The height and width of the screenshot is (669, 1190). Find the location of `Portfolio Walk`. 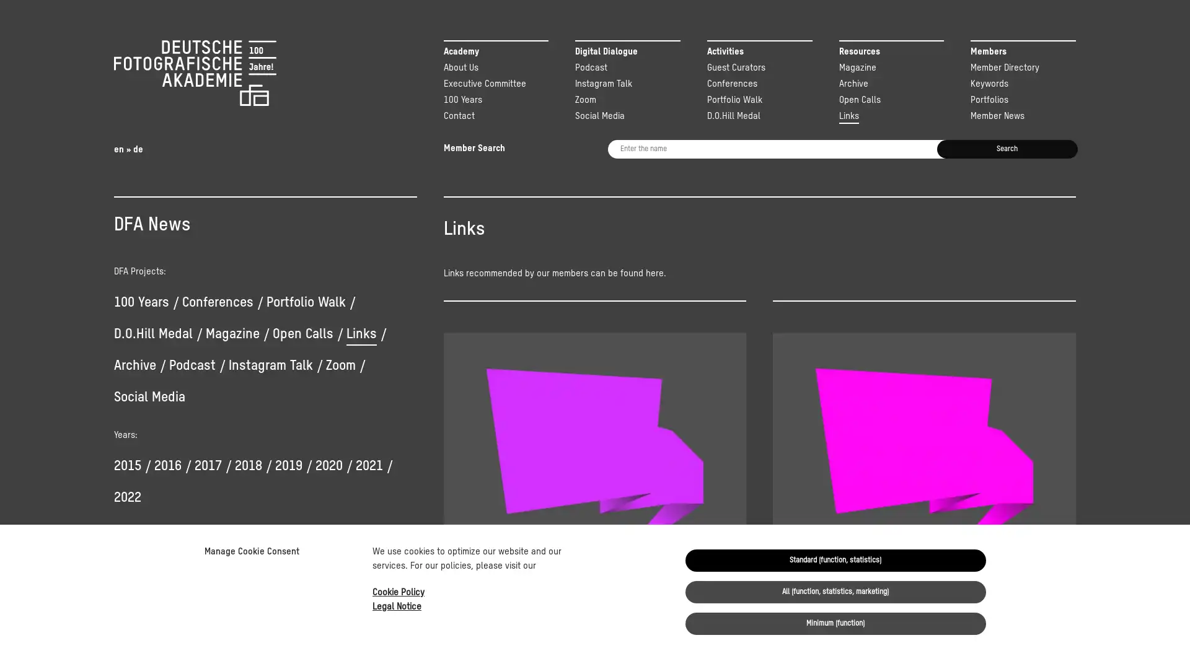

Portfolio Walk is located at coordinates (306, 303).